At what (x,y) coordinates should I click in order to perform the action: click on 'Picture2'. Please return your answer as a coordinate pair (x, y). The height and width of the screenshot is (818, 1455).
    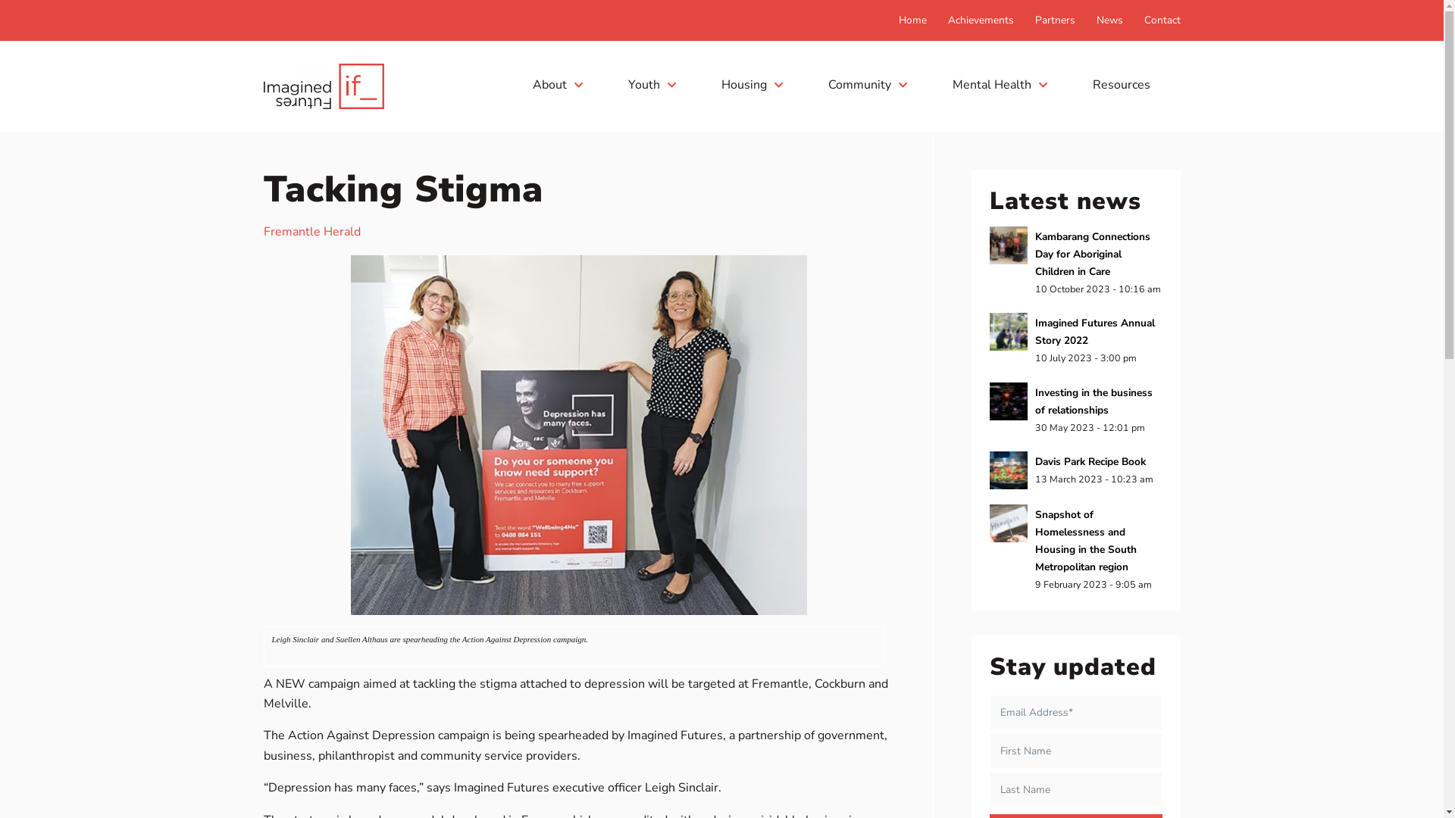
    Looking at the image, I should click on (577, 435).